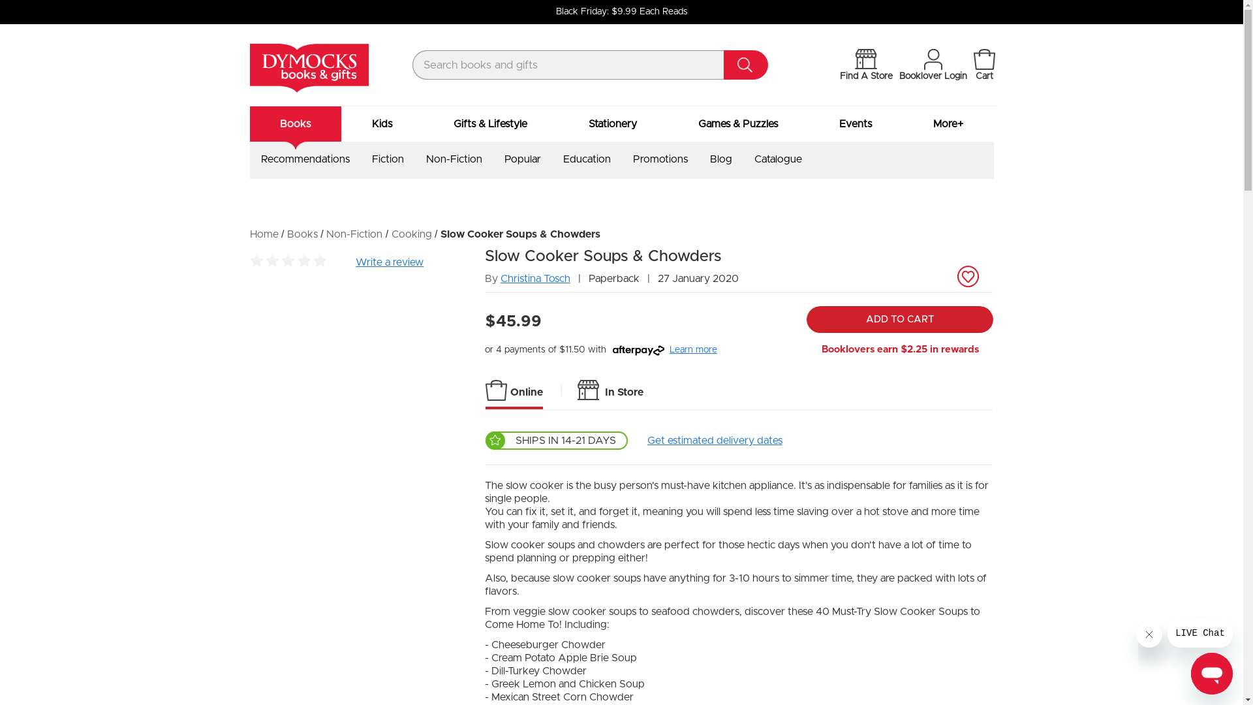  Describe the element at coordinates (522, 158) in the screenshot. I see `'Popular'` at that location.